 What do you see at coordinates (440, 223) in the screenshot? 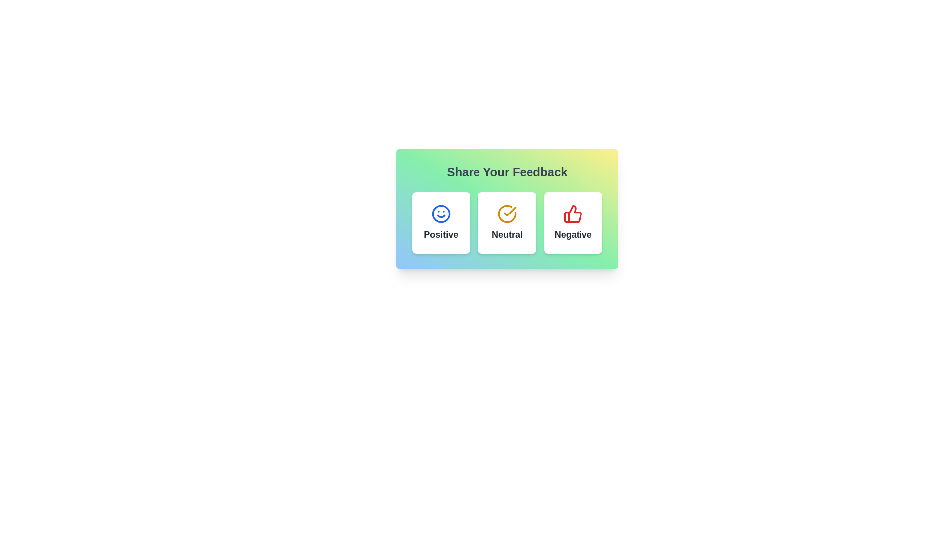
I see `the first button for positive feedback located within the 'Share Your Feedback' section` at bounding box center [440, 223].